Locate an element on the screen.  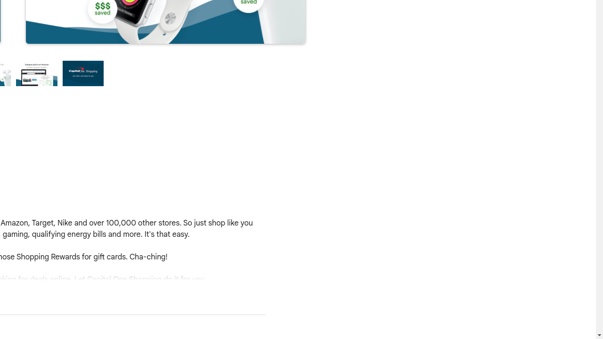
'Preview slide 4' is located at coordinates (83, 73).